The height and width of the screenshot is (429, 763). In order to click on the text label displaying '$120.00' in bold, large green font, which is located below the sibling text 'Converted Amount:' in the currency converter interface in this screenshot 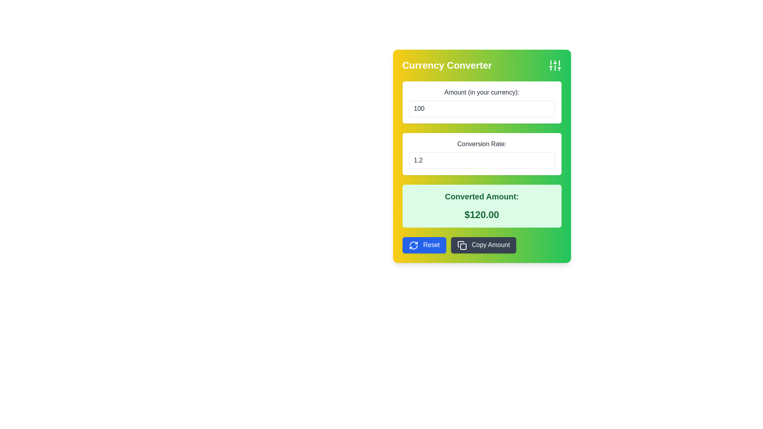, I will do `click(481, 214)`.